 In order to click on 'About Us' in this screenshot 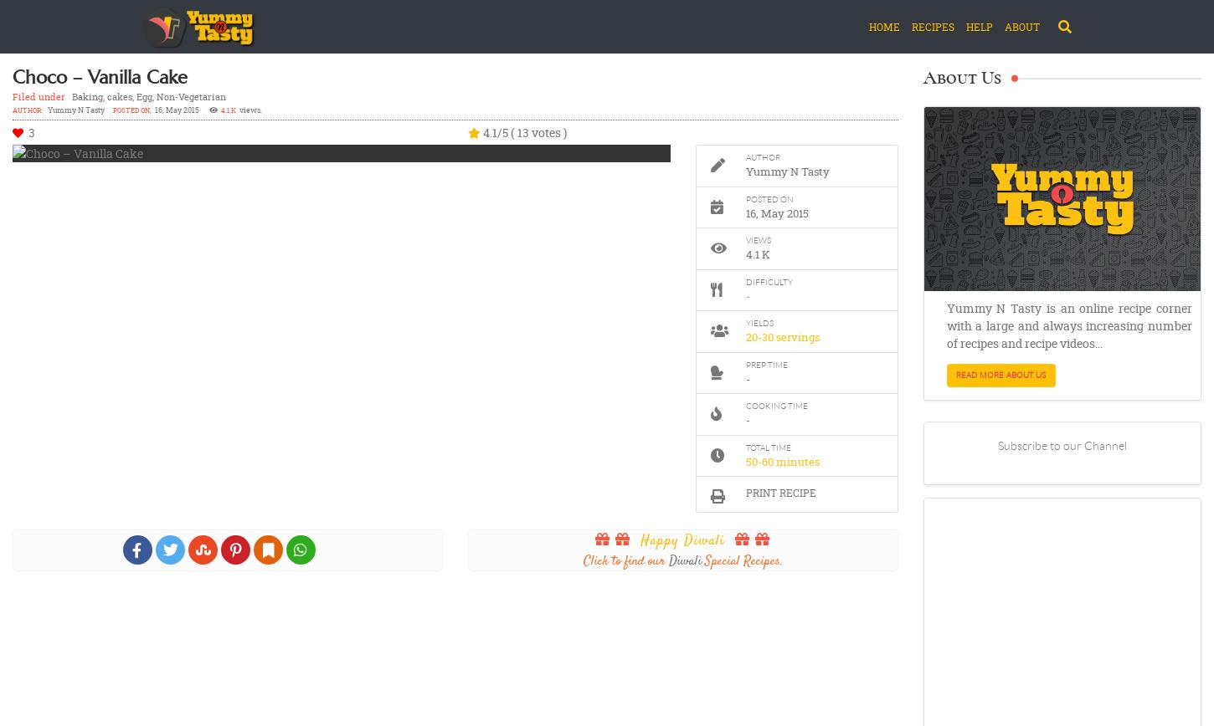, I will do `click(960, 77)`.